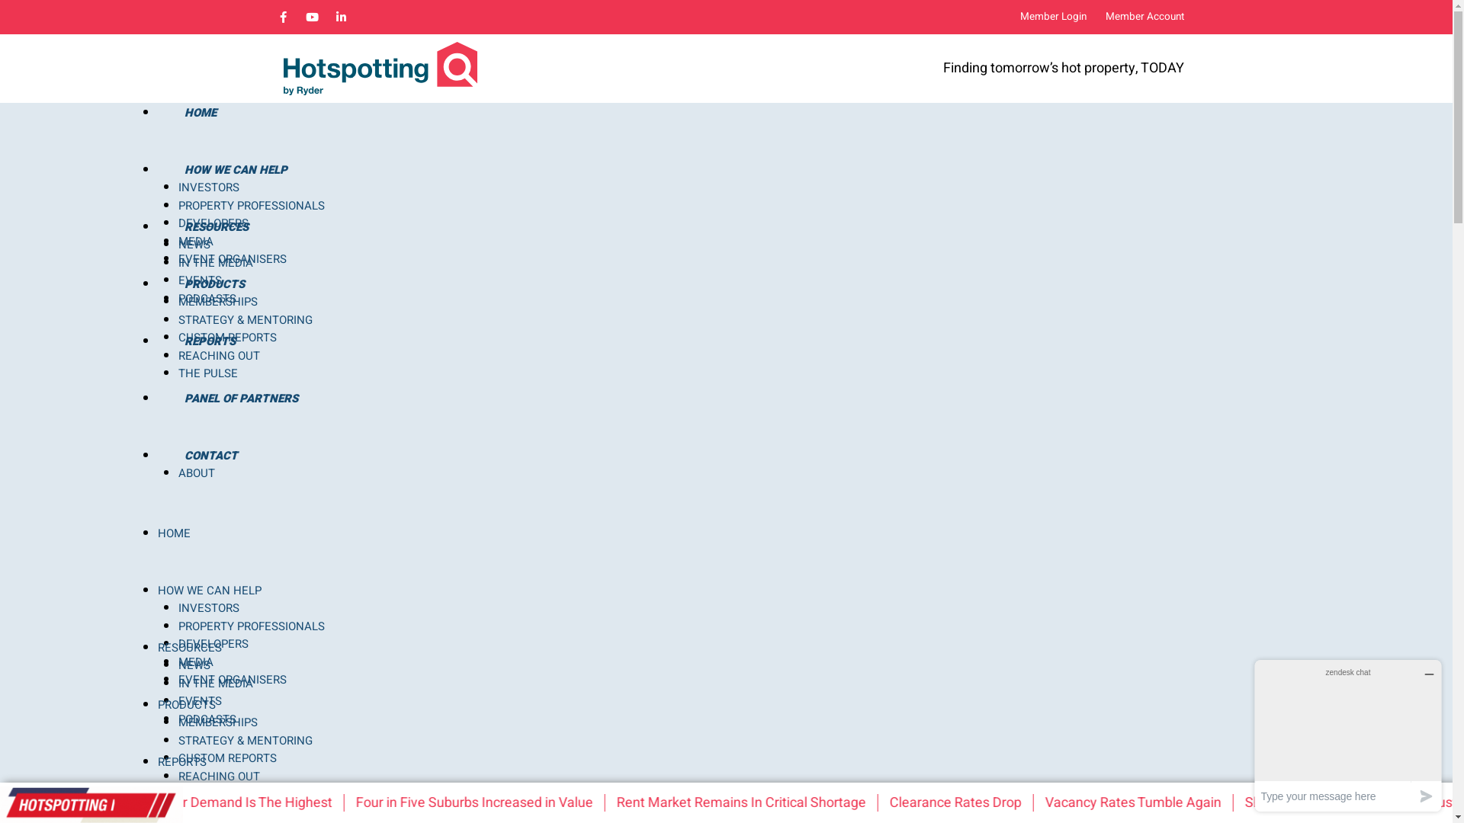  What do you see at coordinates (1145, 18) in the screenshot?
I see `'Member Account'` at bounding box center [1145, 18].